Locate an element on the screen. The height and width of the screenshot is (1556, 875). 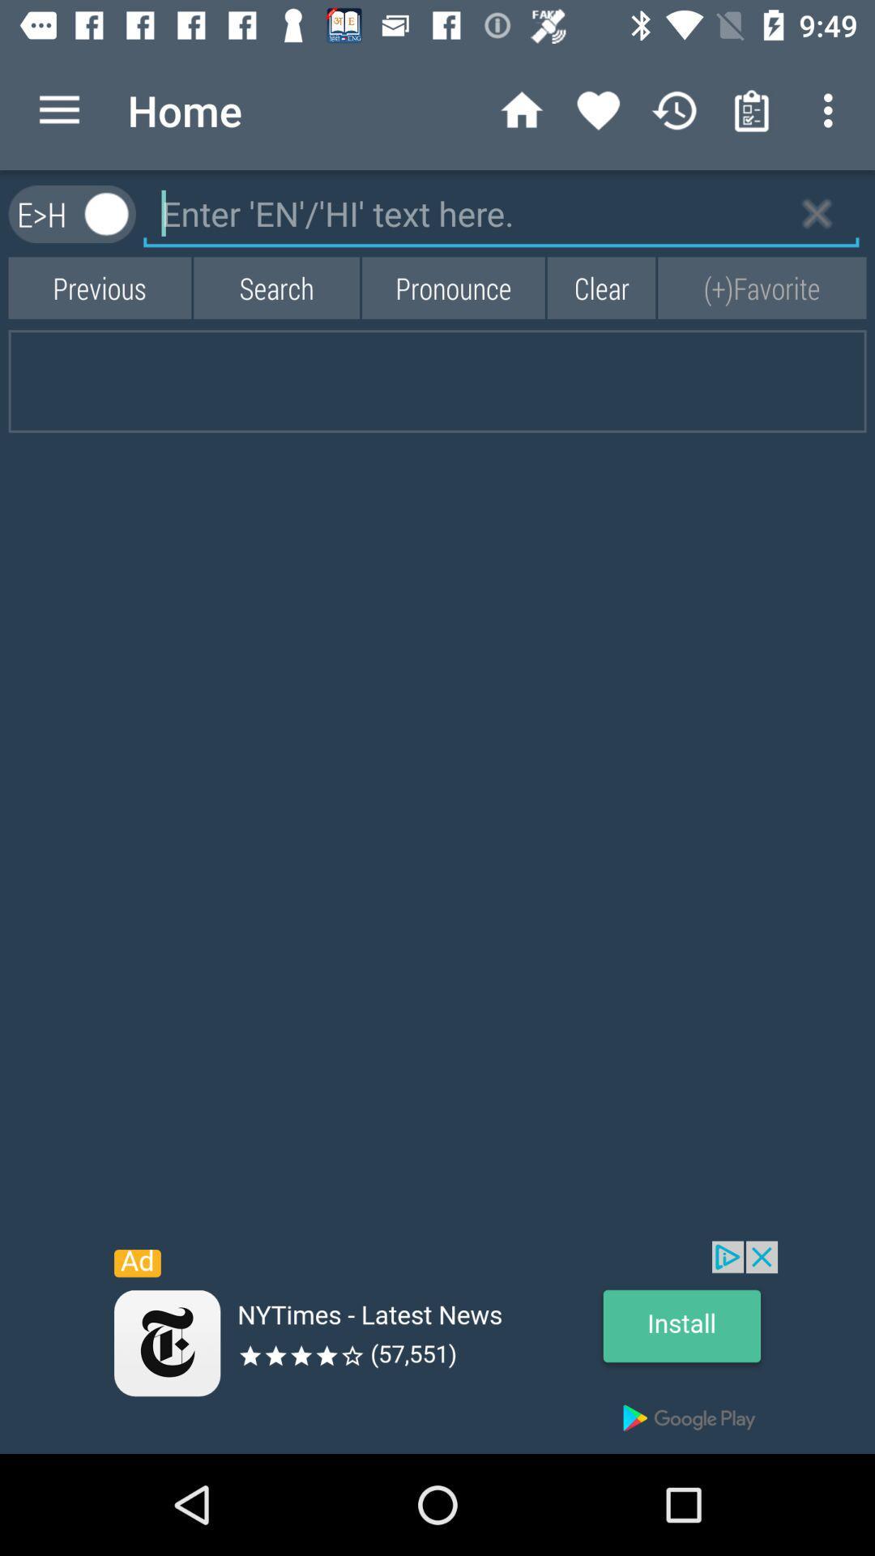
the button beside search is located at coordinates (100, 288).